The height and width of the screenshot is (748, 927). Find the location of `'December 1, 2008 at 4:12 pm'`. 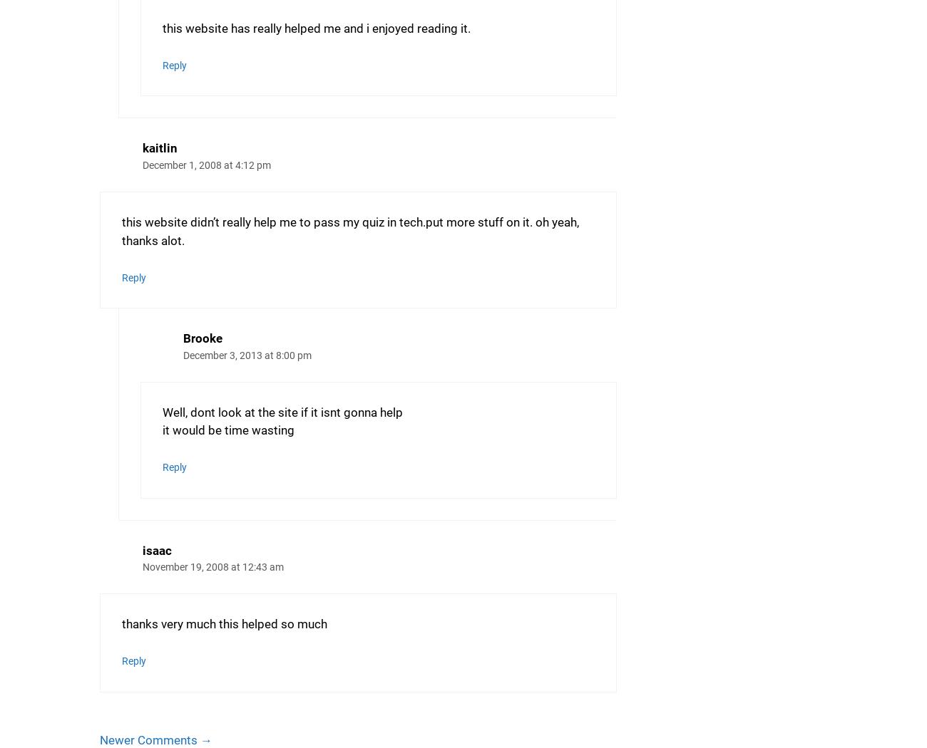

'December 1, 2008 at 4:12 pm' is located at coordinates (207, 165).